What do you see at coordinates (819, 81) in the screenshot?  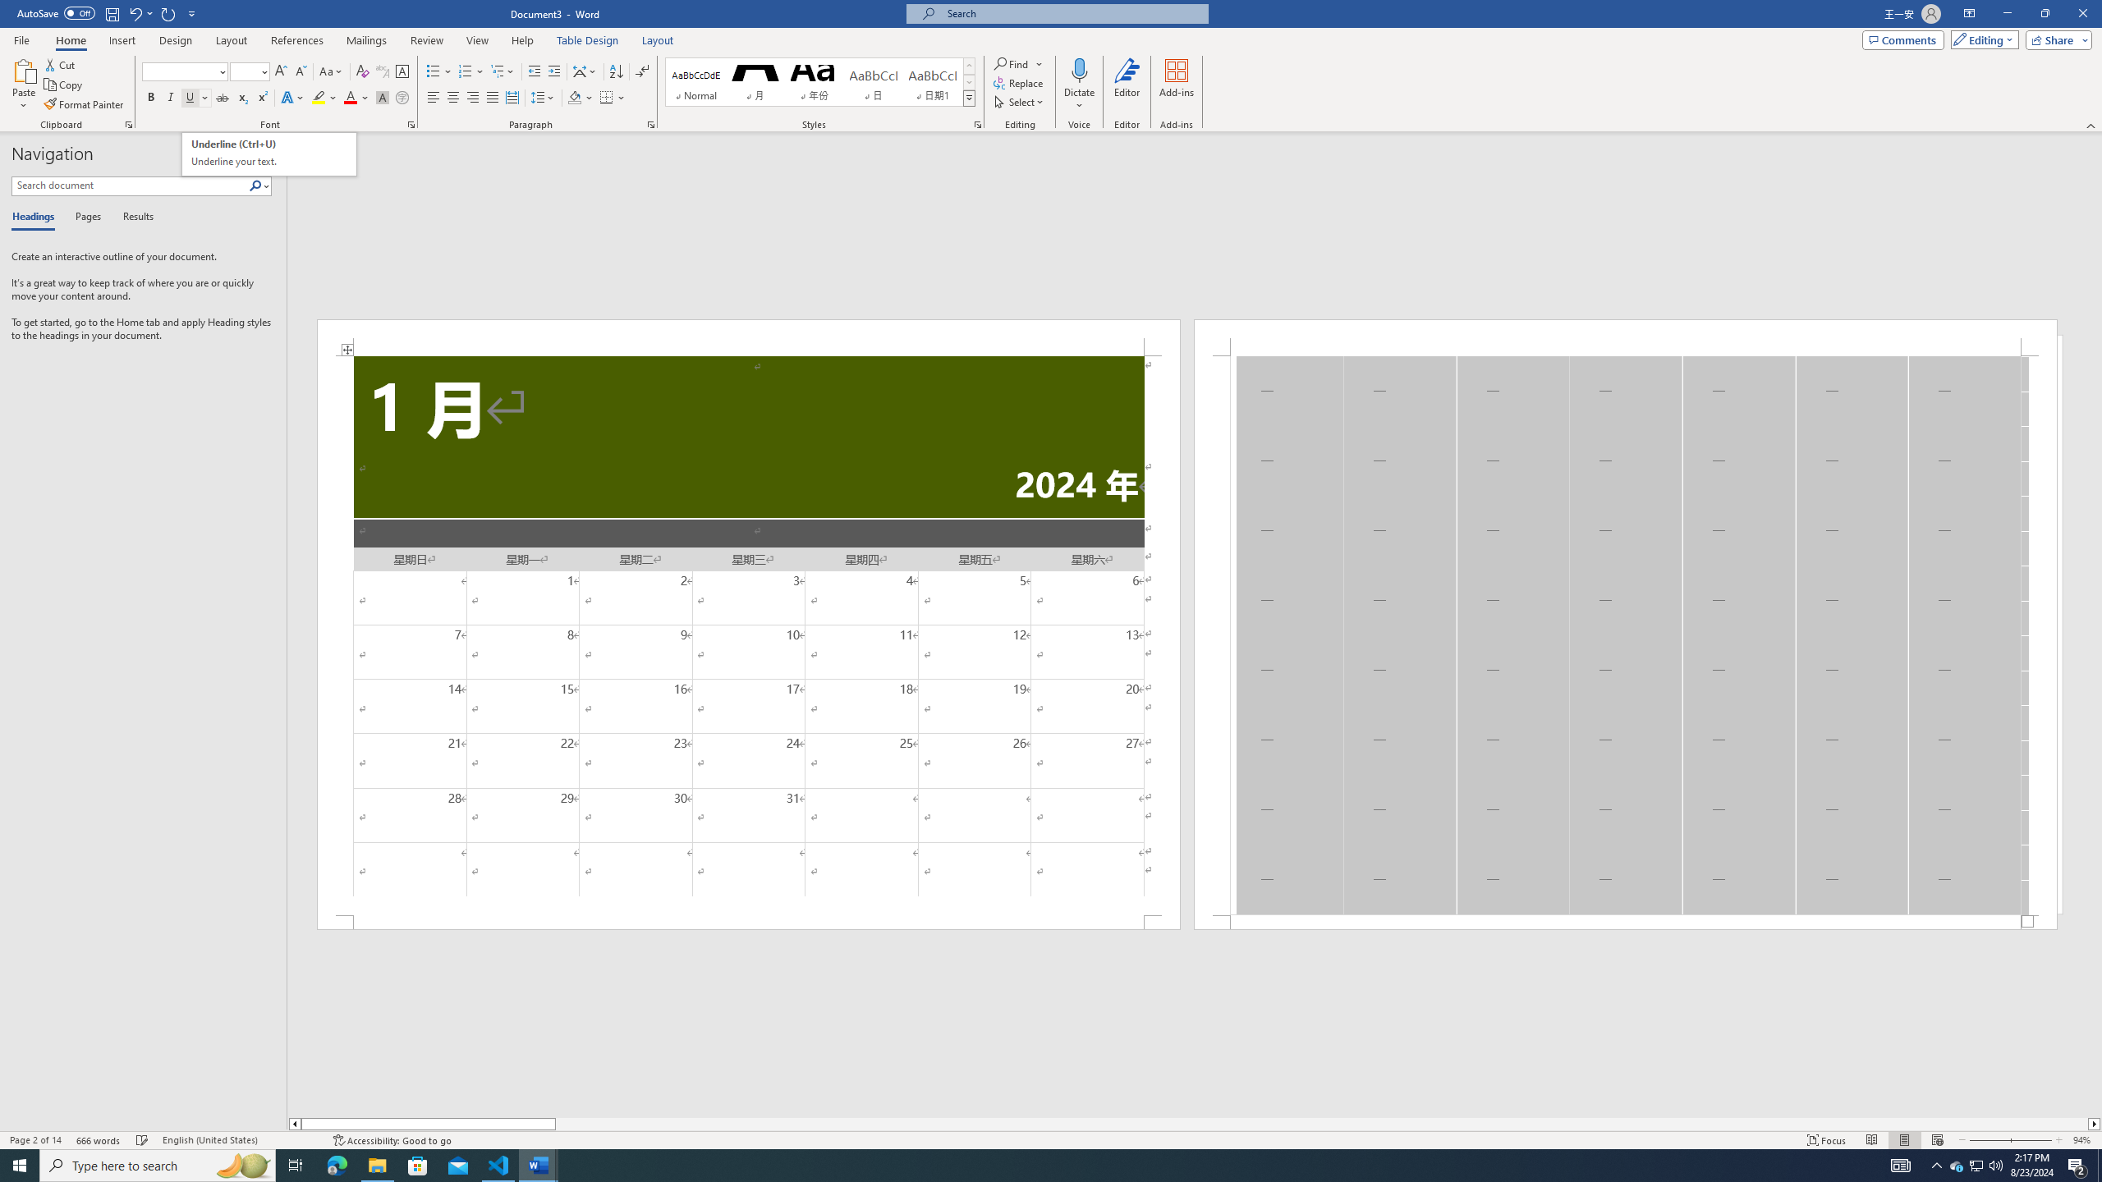 I see `'AutomationID: QuickStylesGallery'` at bounding box center [819, 81].